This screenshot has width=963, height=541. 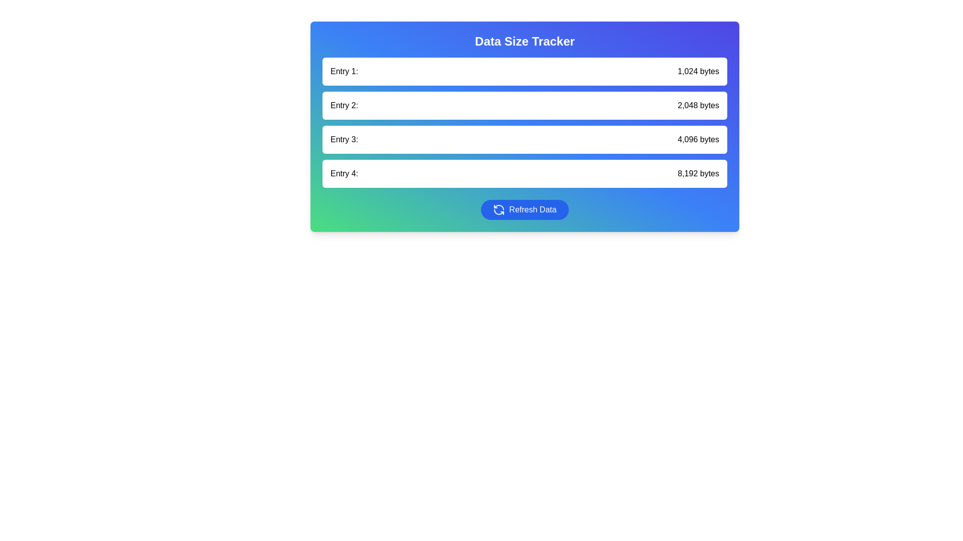 What do you see at coordinates (698, 139) in the screenshot?
I see `the static text label displaying '4,096 bytes' in black font, located in the 'Data Size Tracker' table next to 'Entry 3:'` at bounding box center [698, 139].